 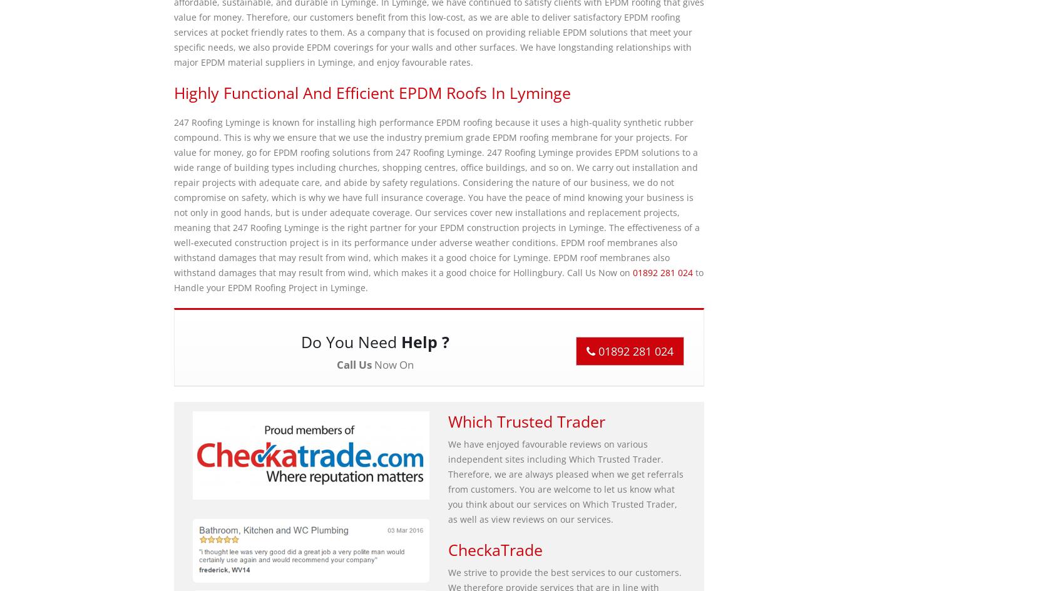 What do you see at coordinates (565, 481) in the screenshot?
I see `'We have enjoyed favourable reviews on various independent sites including Which Trusted Trader. Therefore, we are always pleased when we get referrals from customers. You are welcome to let us know what you think about our services on Which Trusted Trader, as well as view reviews on our services.'` at bounding box center [565, 481].